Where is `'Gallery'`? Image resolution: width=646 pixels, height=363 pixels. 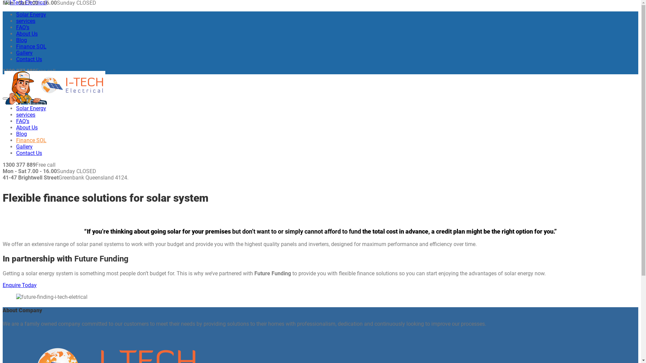 'Gallery' is located at coordinates (24, 146).